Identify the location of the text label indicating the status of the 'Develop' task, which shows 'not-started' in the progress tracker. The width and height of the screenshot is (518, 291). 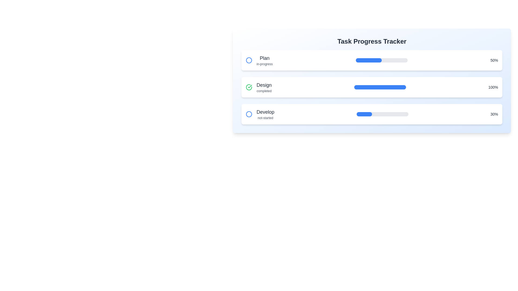
(265, 118).